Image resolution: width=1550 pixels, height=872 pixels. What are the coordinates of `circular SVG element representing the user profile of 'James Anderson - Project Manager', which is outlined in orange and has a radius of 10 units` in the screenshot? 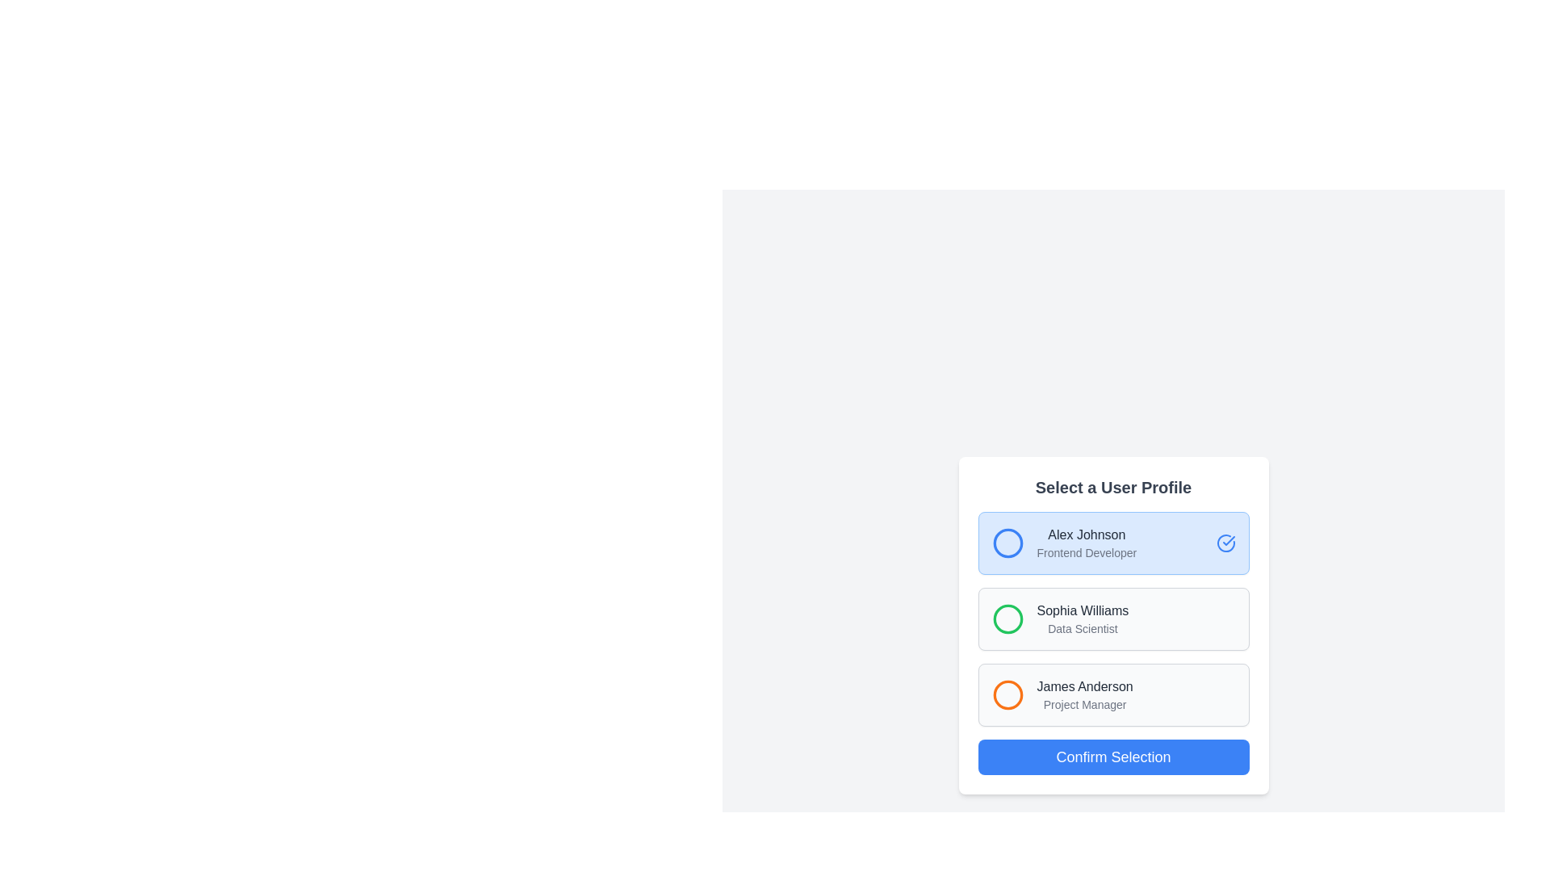 It's located at (1007, 694).